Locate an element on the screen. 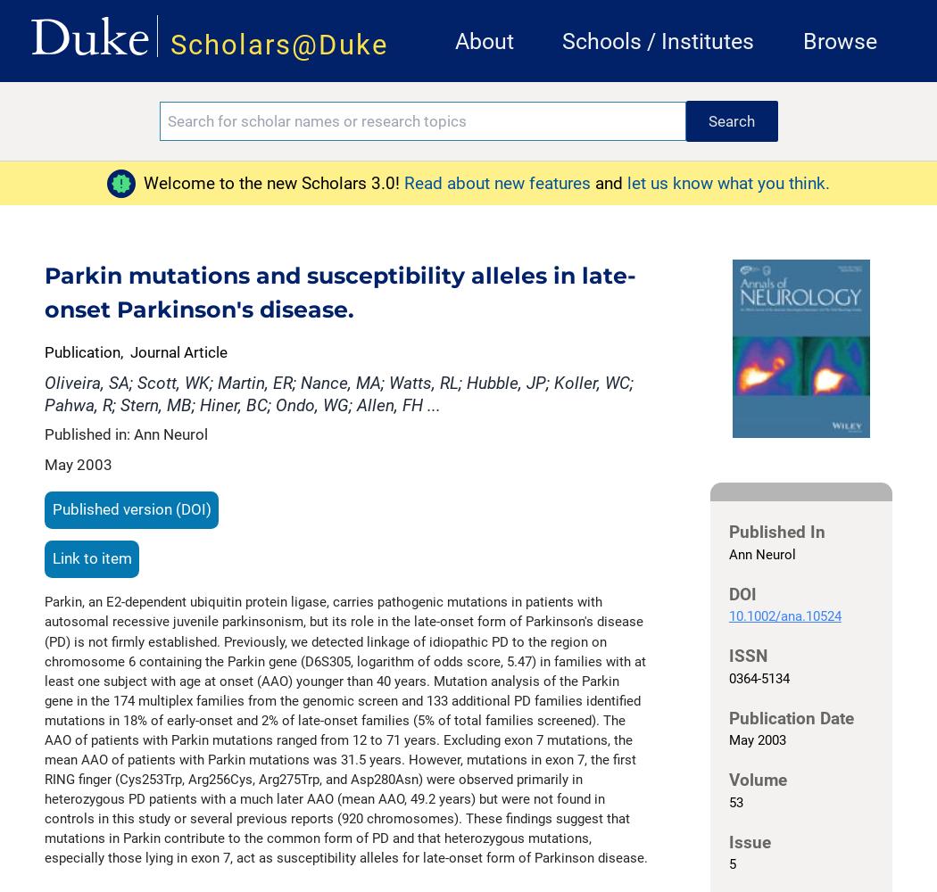  'Welcome to the new Scholars 3.0!' is located at coordinates (272, 181).